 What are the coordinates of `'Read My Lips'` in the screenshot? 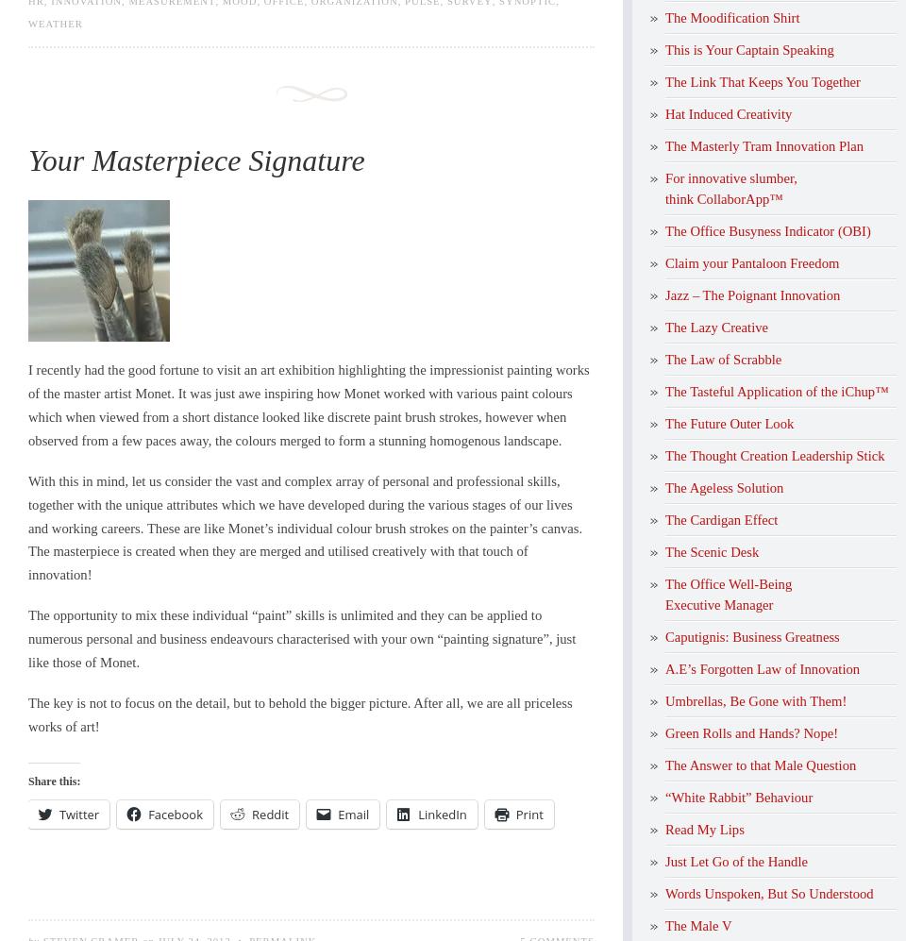 It's located at (703, 827).